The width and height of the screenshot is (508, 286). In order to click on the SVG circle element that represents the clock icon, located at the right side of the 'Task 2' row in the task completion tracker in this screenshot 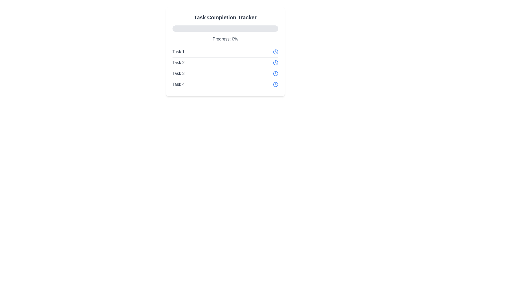, I will do `click(275, 62)`.